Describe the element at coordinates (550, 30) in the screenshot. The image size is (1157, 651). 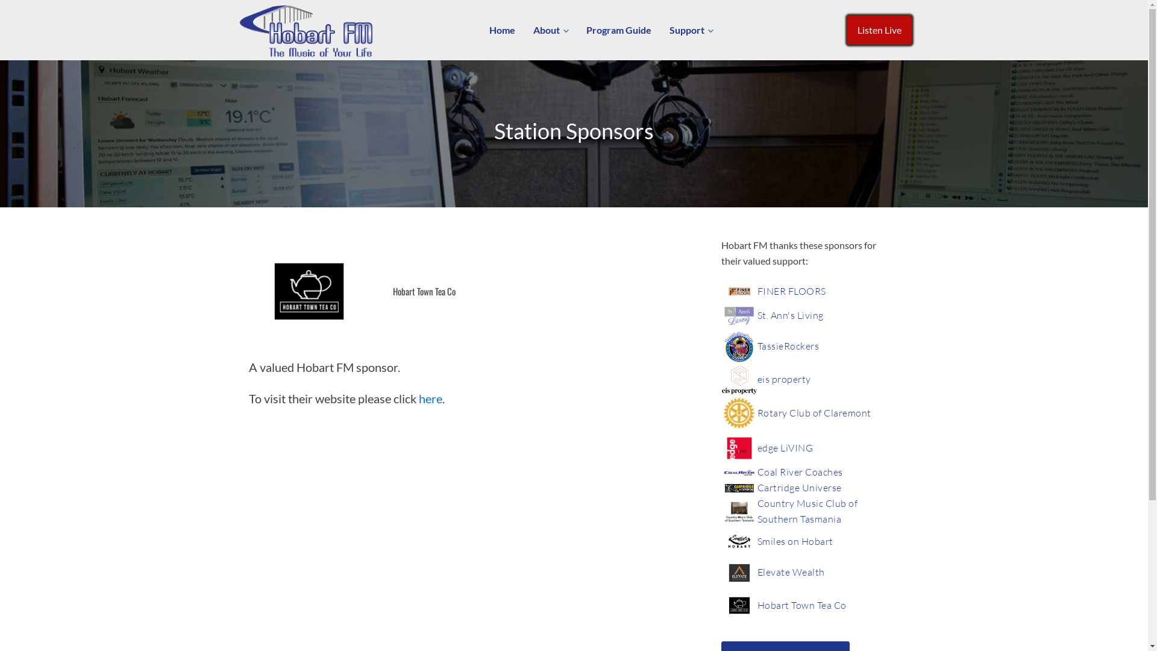
I see `'About'` at that location.